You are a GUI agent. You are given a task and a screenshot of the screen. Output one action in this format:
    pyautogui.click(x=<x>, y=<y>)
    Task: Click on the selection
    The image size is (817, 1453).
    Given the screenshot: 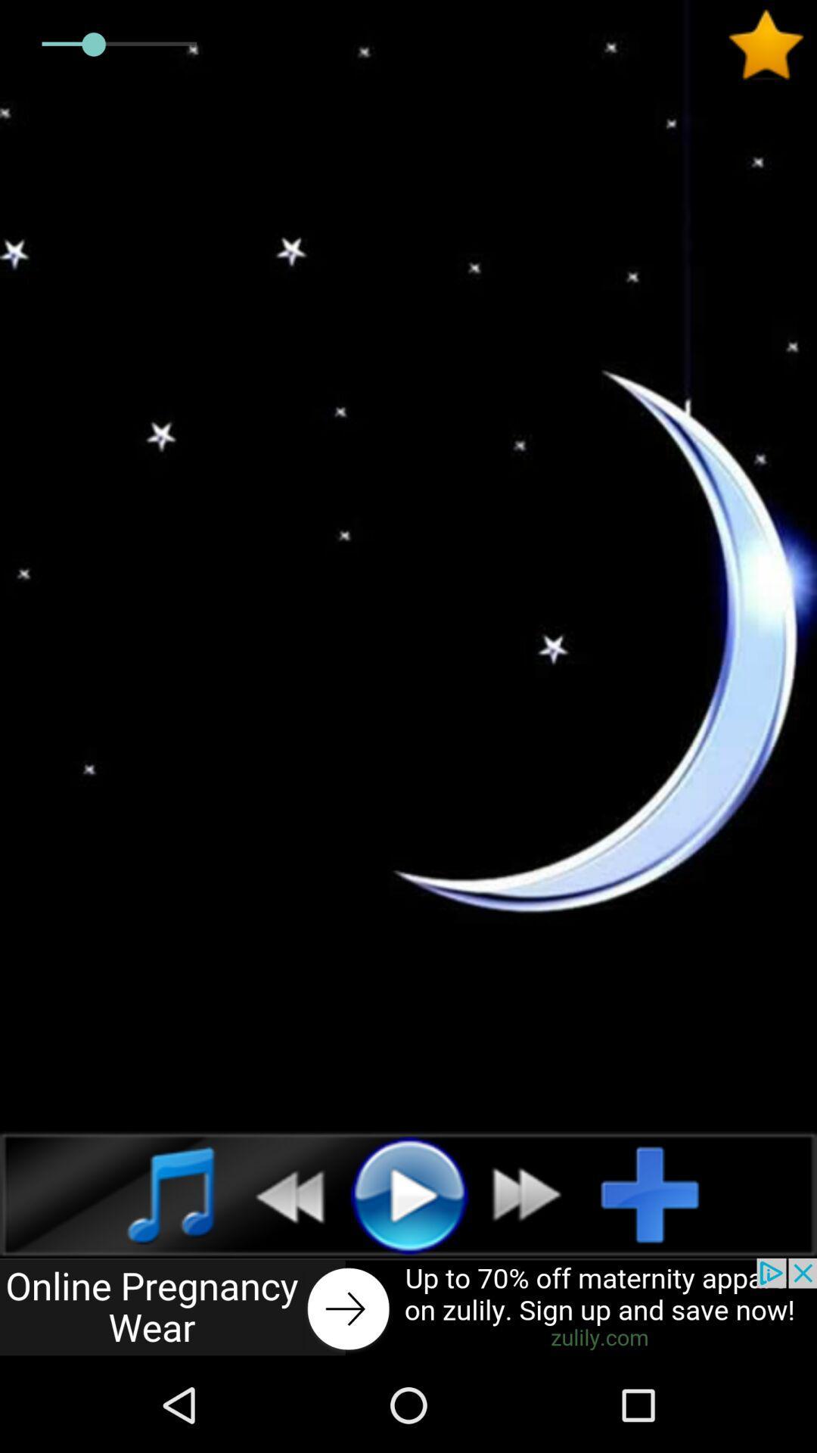 What is the action you would take?
    pyautogui.click(x=408, y=1193)
    